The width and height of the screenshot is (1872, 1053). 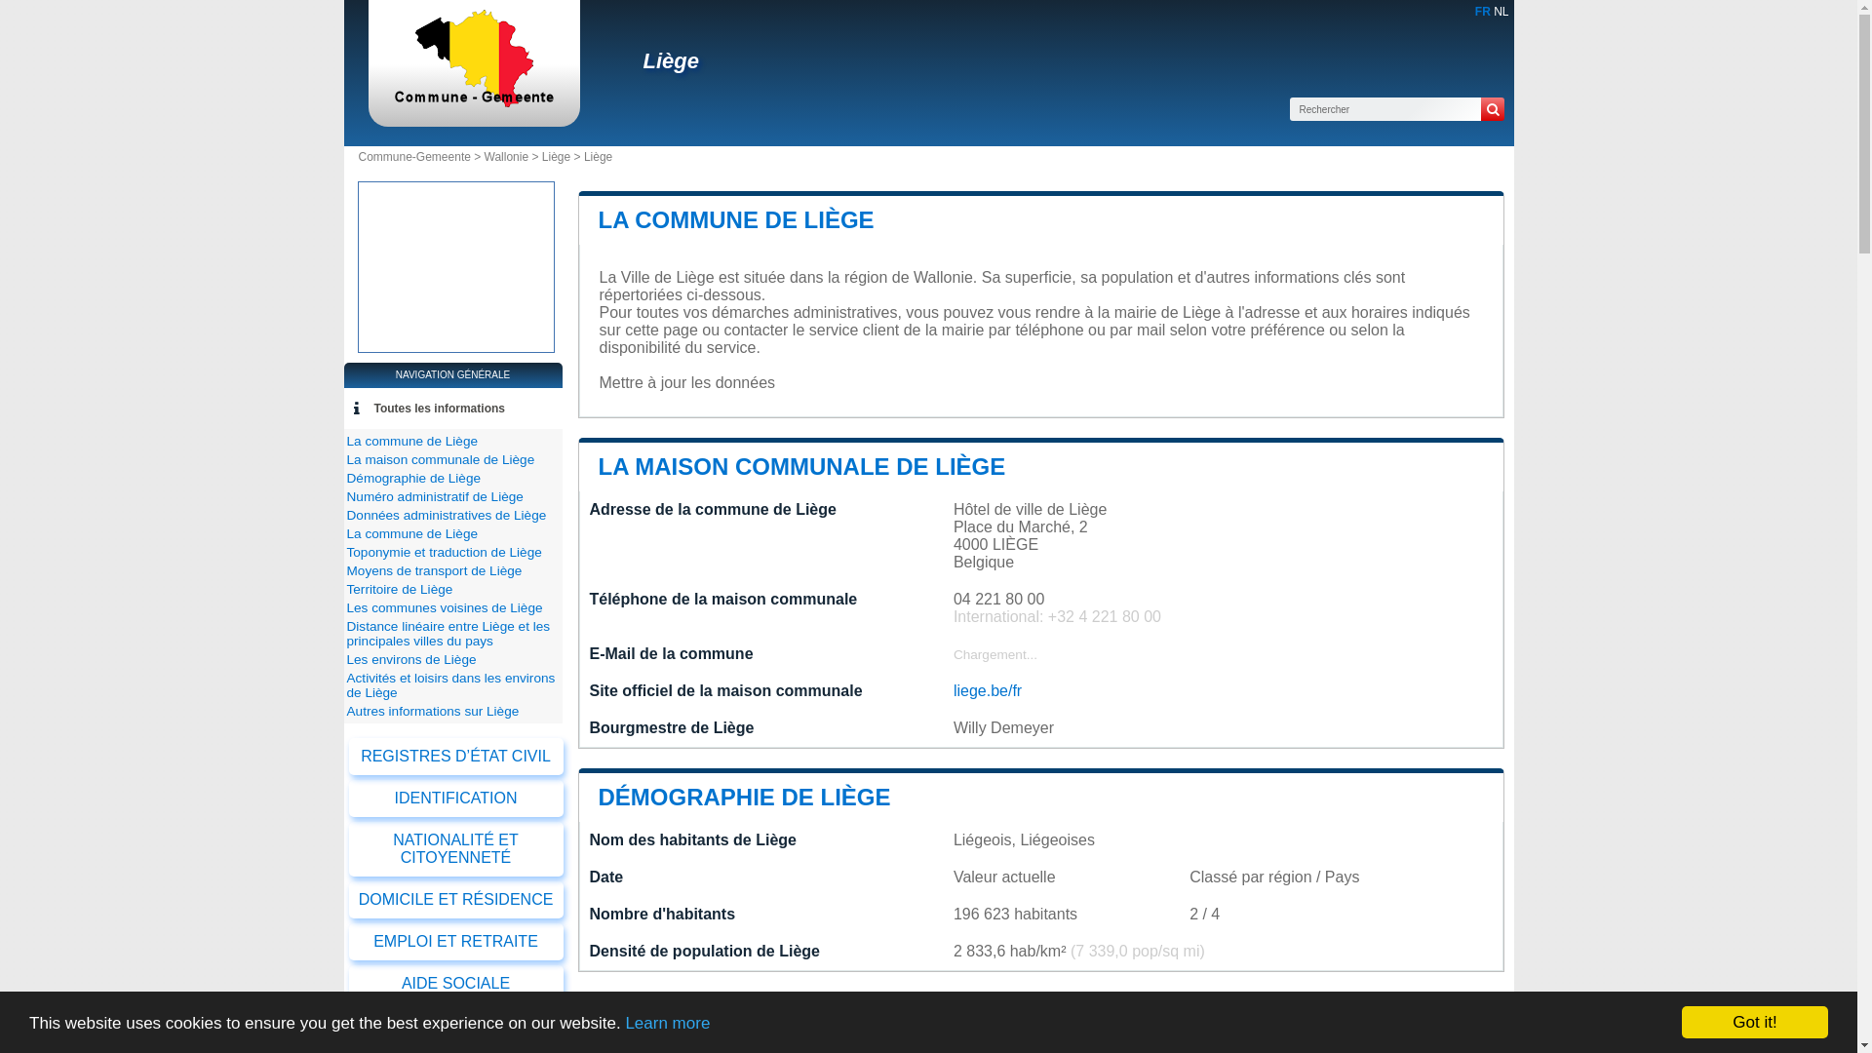 What do you see at coordinates (439, 408) in the screenshot?
I see `'Toutes les informations'` at bounding box center [439, 408].